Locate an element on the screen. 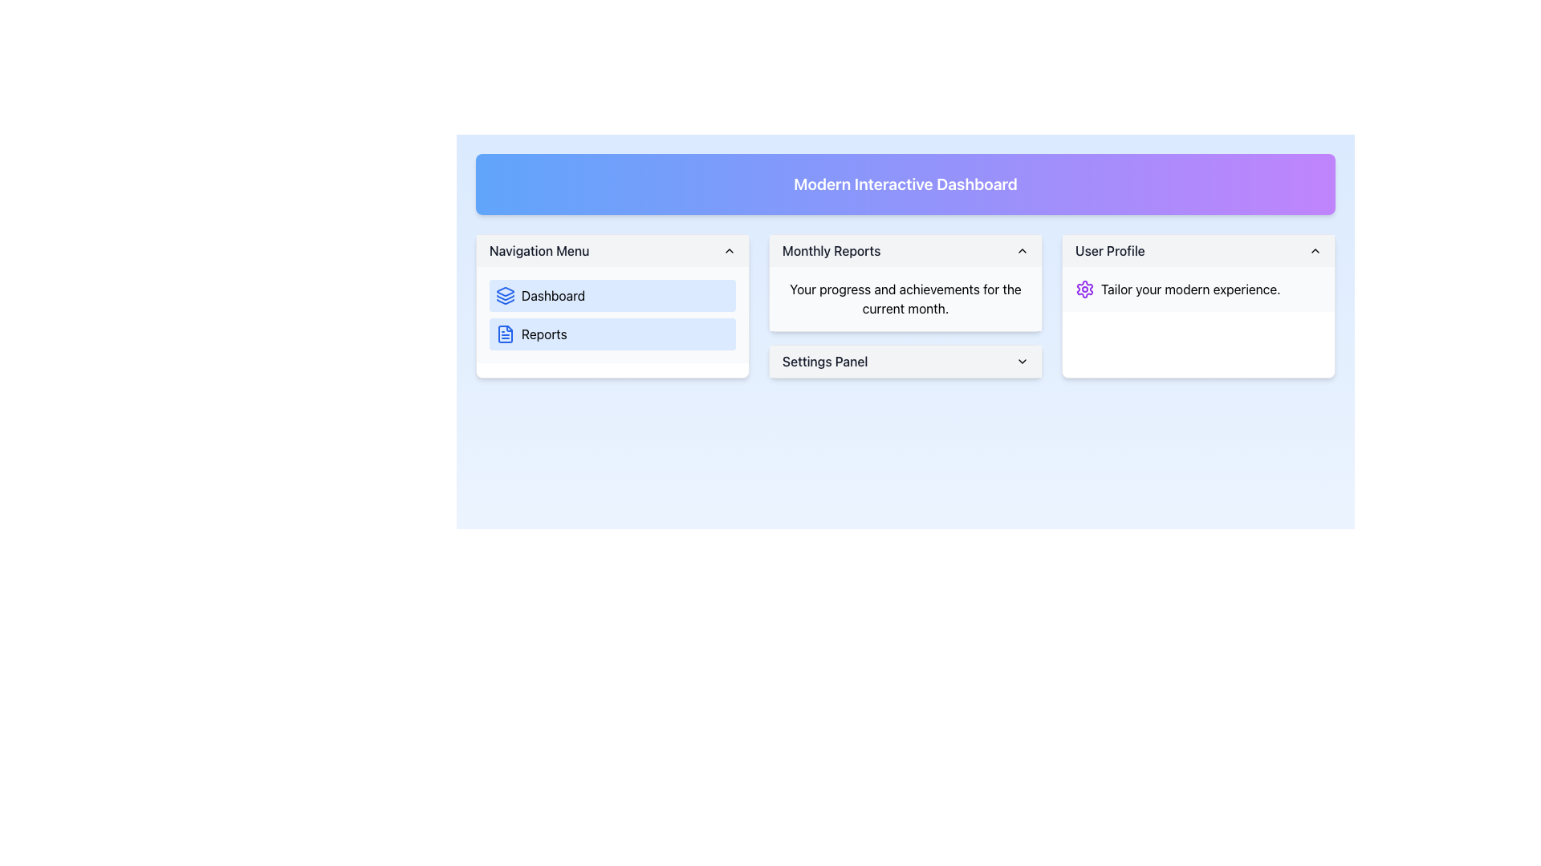 The width and height of the screenshot is (1541, 866). the toggle icon for the 'User Profile' section is located at coordinates (1315, 250).